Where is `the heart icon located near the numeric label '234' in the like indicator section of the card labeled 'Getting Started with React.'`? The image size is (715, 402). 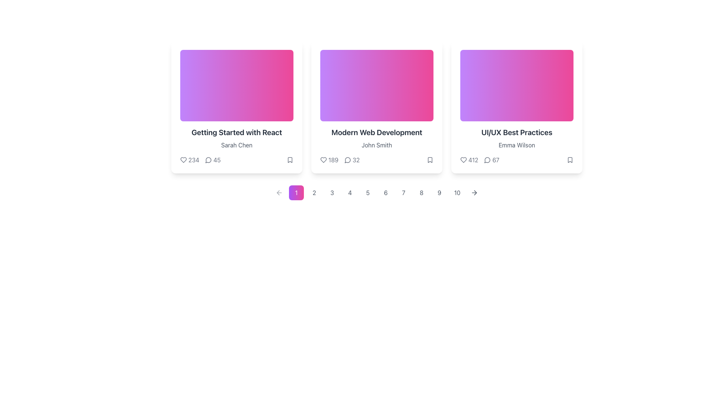 the heart icon located near the numeric label '234' in the like indicator section of the card labeled 'Getting Started with React.' is located at coordinates (184, 159).